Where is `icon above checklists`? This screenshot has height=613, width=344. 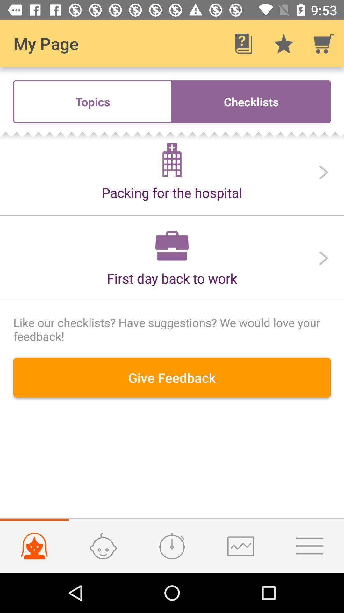 icon above checklists is located at coordinates (283, 43).